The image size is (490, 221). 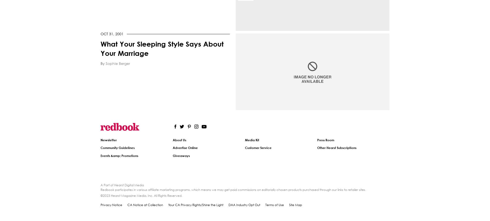 What do you see at coordinates (181, 155) in the screenshot?
I see `'Giveaways'` at bounding box center [181, 155].